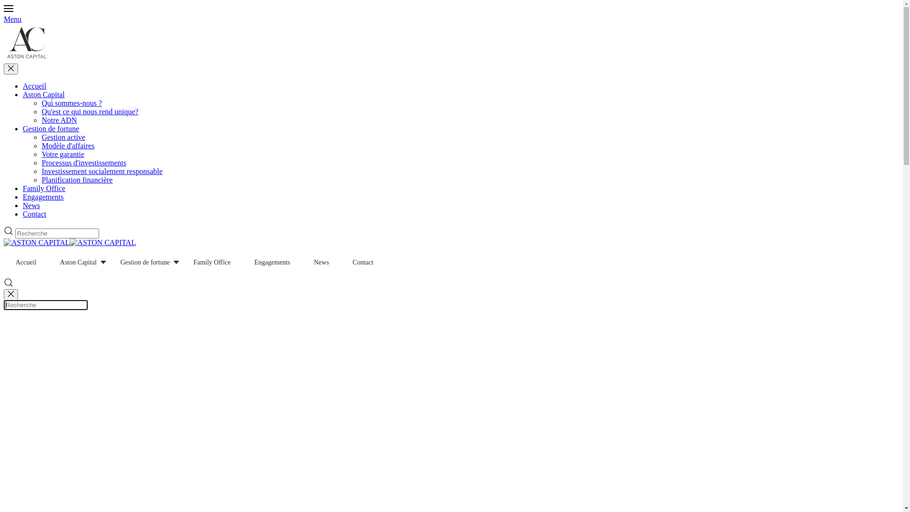  I want to click on 'Aston Capital', so click(43, 94).